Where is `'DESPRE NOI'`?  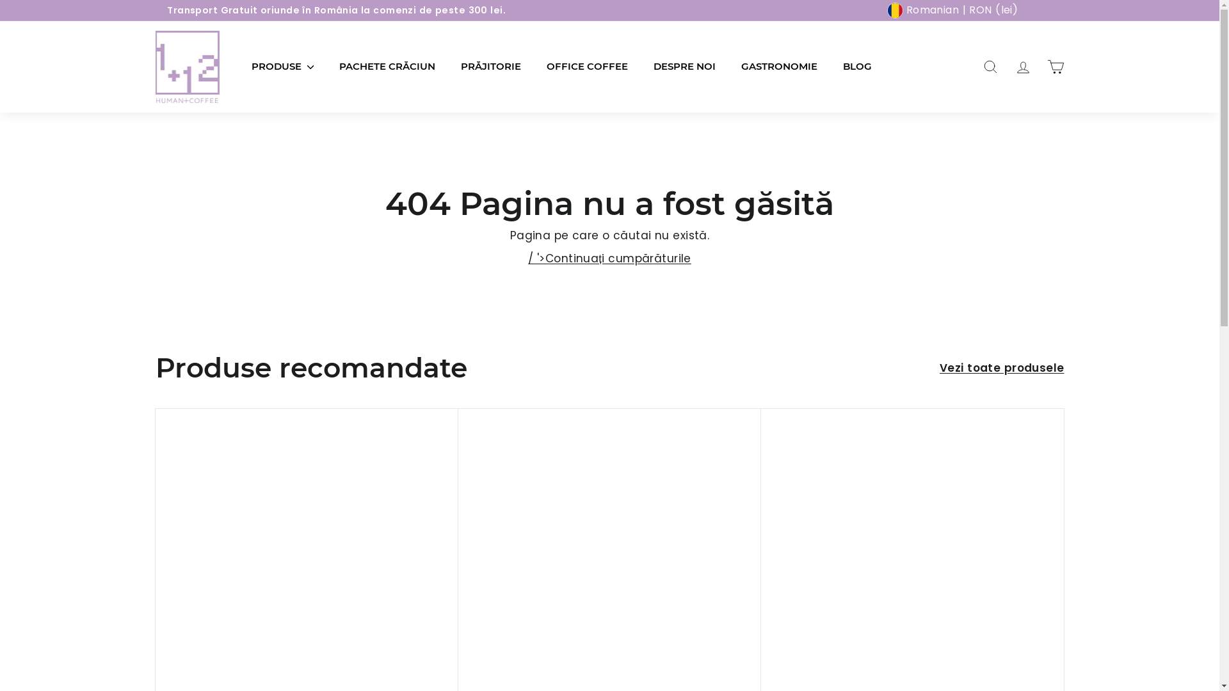 'DESPRE NOI' is located at coordinates (683, 67).